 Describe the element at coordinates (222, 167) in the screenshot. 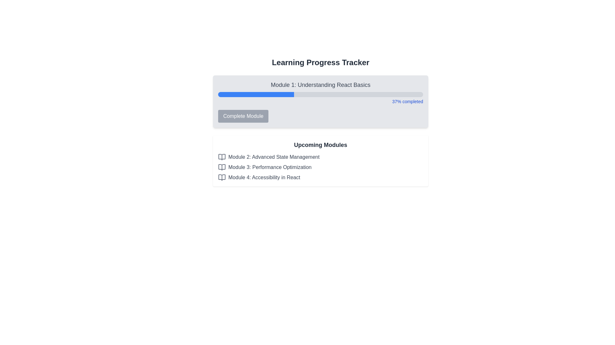

I see `the educational content icon located at the start of the line for 'Module 3: Performance Optimization'` at that location.